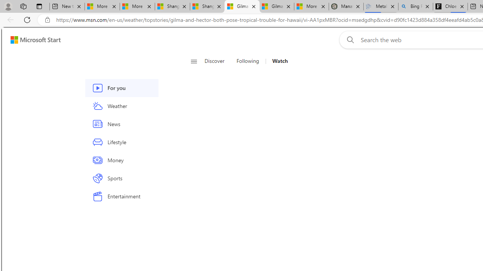 The width and height of the screenshot is (483, 271). What do you see at coordinates (415, 6) in the screenshot?
I see `'Bing Real Estate - Home sales and rental listings'` at bounding box center [415, 6].